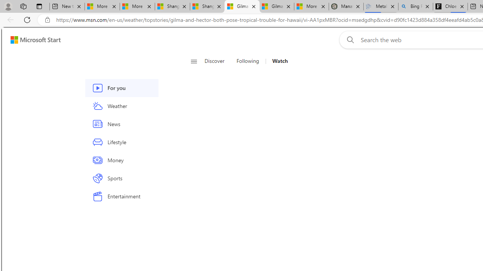 The width and height of the screenshot is (483, 271). What do you see at coordinates (415, 6) in the screenshot?
I see `'Bing Real Estate - Home sales and rental listings'` at bounding box center [415, 6].